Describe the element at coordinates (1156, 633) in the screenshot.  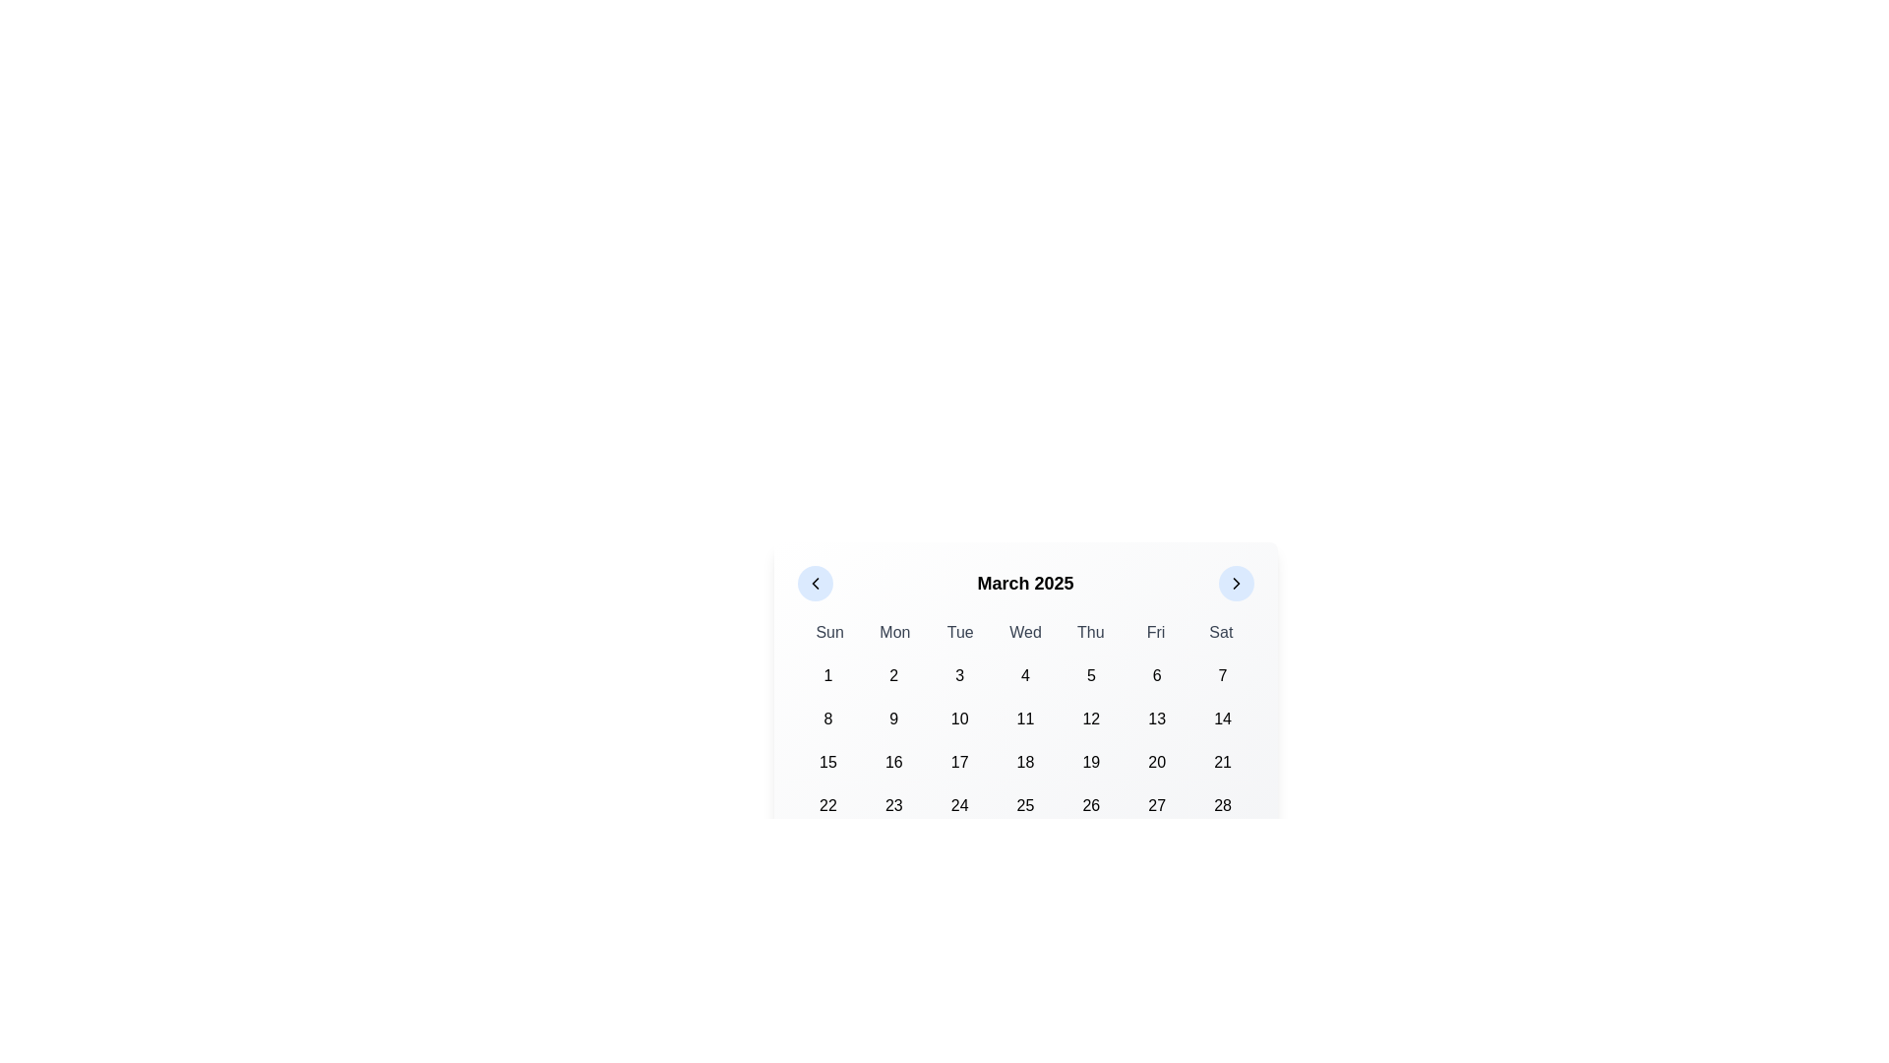
I see `the static text label displaying 'Fri' in bold, which is the sixth element in the row of day names in the calendar component` at that location.